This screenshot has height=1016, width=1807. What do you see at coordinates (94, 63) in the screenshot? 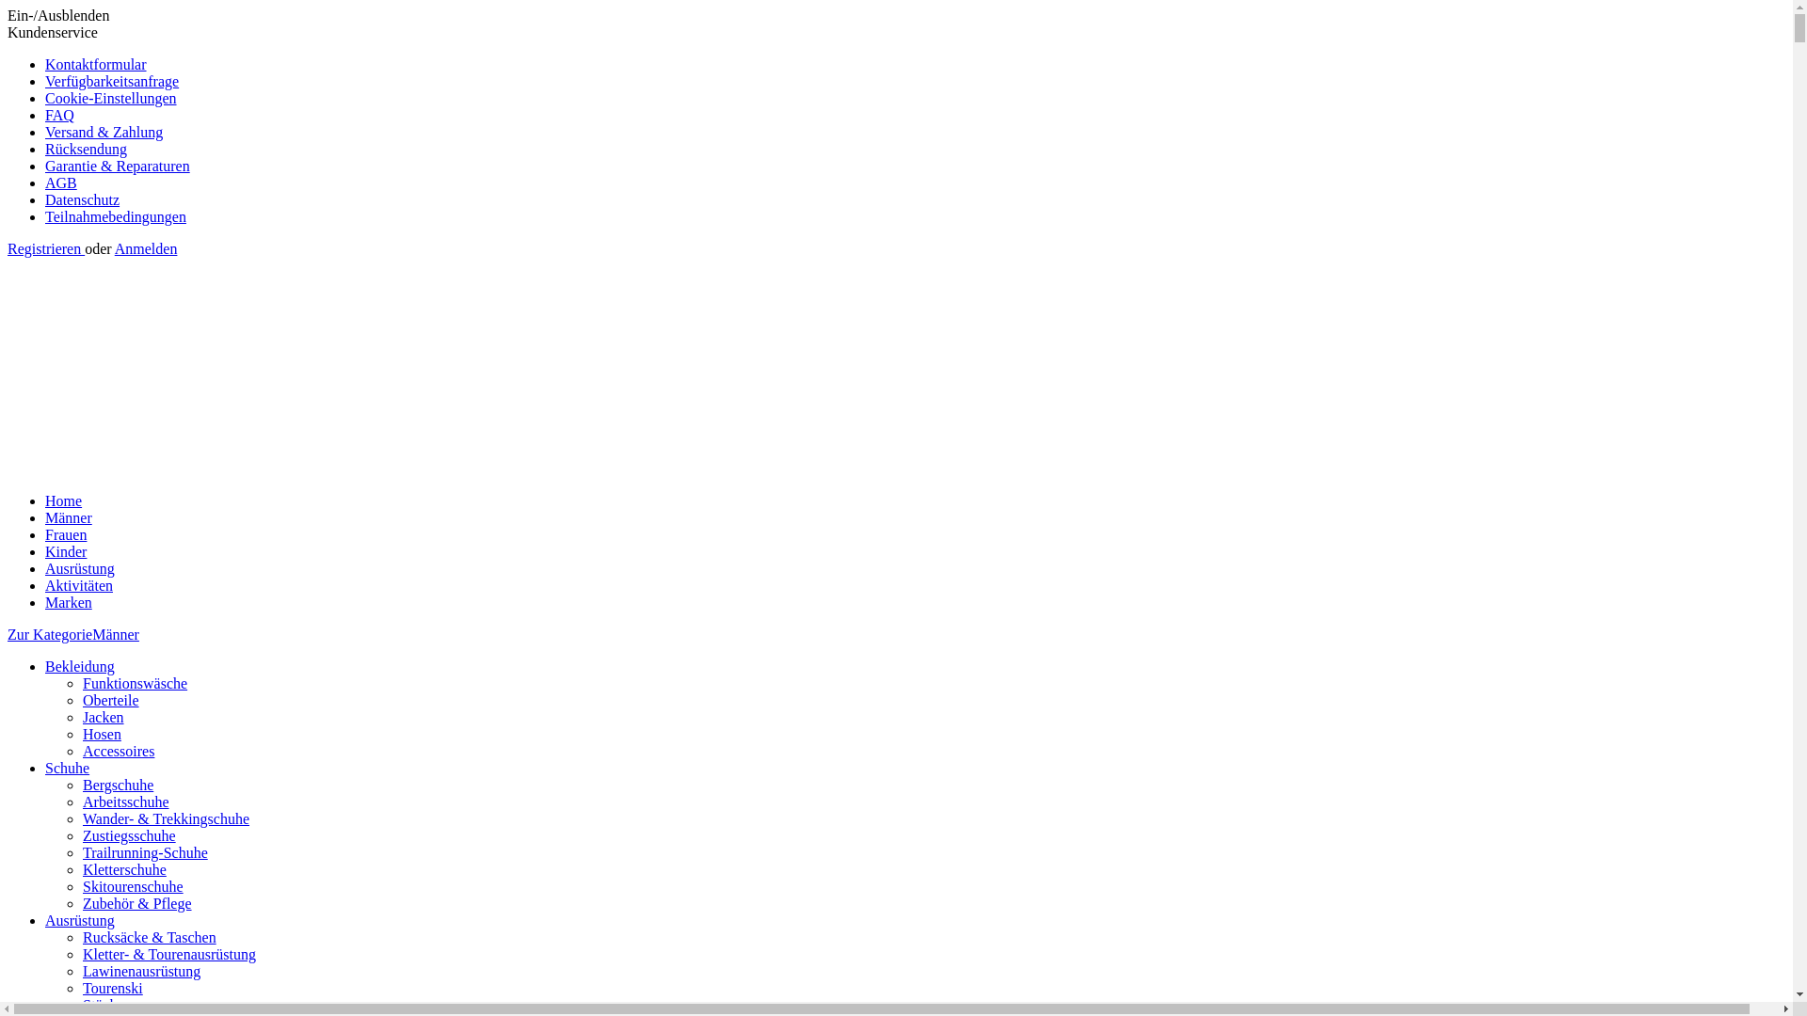
I see `'Kontaktformular'` at bounding box center [94, 63].